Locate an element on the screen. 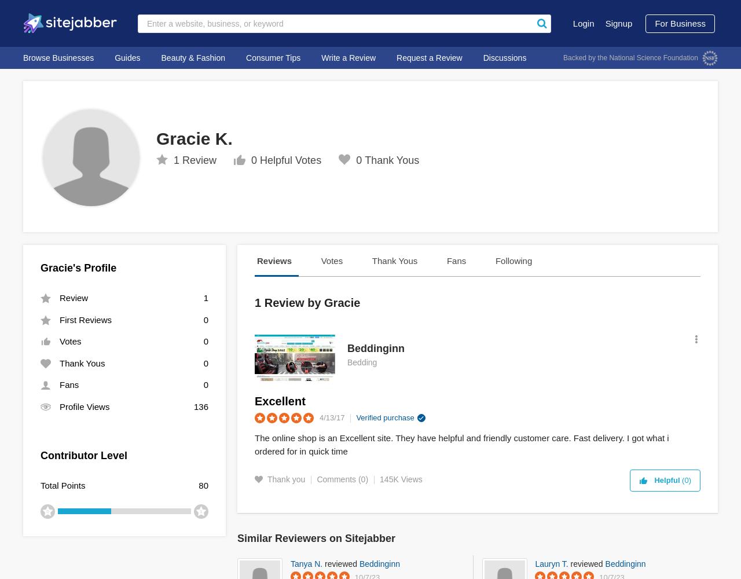  'Profile Views' is located at coordinates (84, 405).